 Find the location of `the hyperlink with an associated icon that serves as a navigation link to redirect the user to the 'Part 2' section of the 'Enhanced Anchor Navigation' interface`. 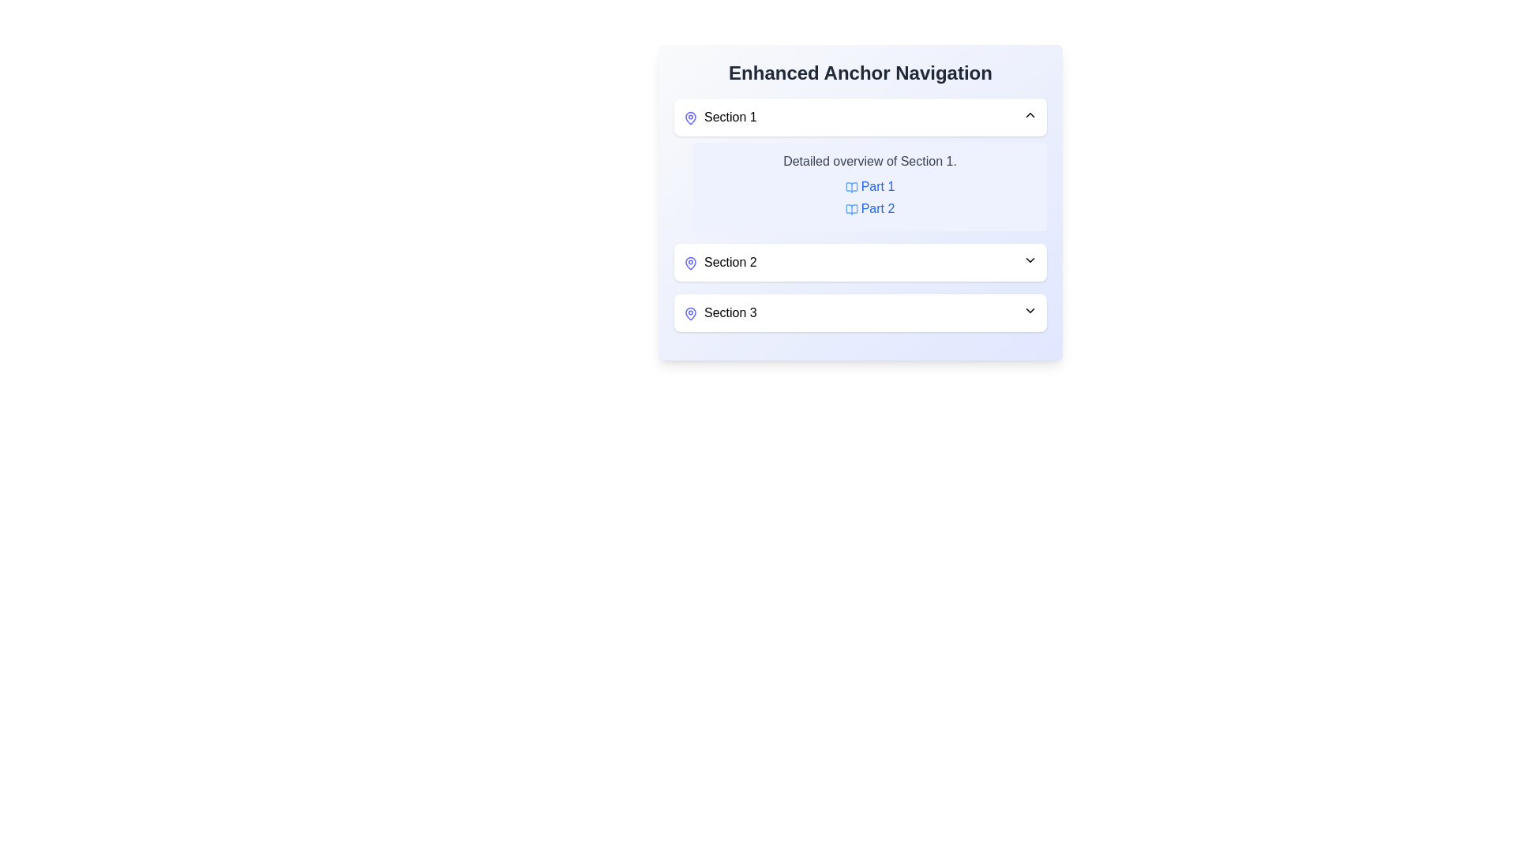

the hyperlink with an associated icon that serves as a navigation link to redirect the user to the 'Part 2' section of the 'Enhanced Anchor Navigation' interface is located at coordinates (869, 208).